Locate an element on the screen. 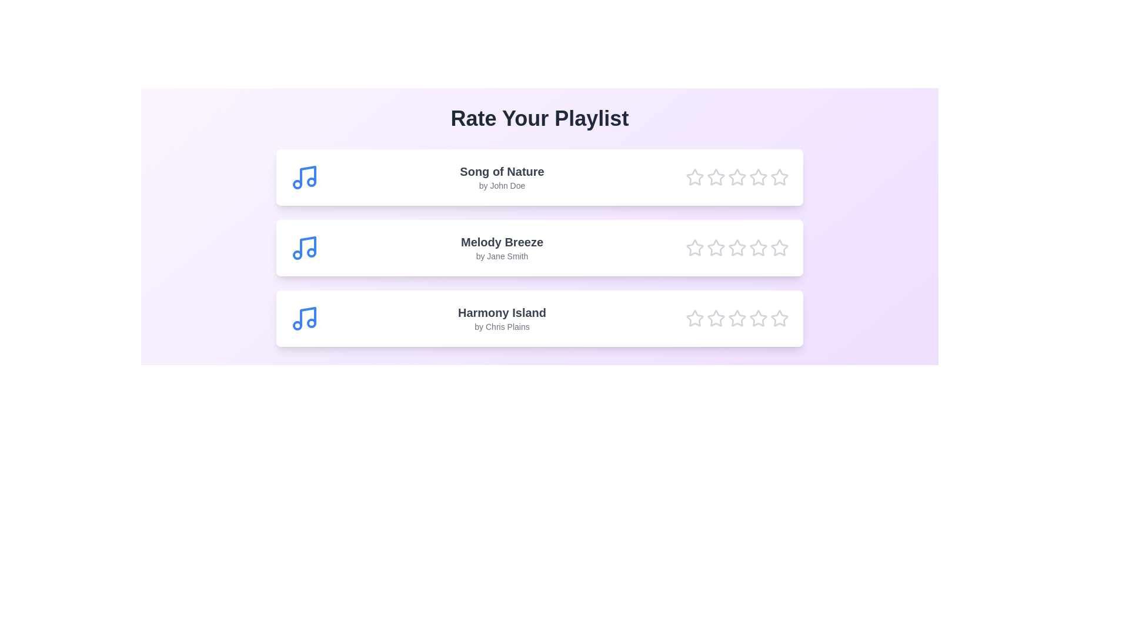 This screenshot has height=635, width=1129. the star corresponding to 3 for the song Song of Nature is located at coordinates (736, 177).